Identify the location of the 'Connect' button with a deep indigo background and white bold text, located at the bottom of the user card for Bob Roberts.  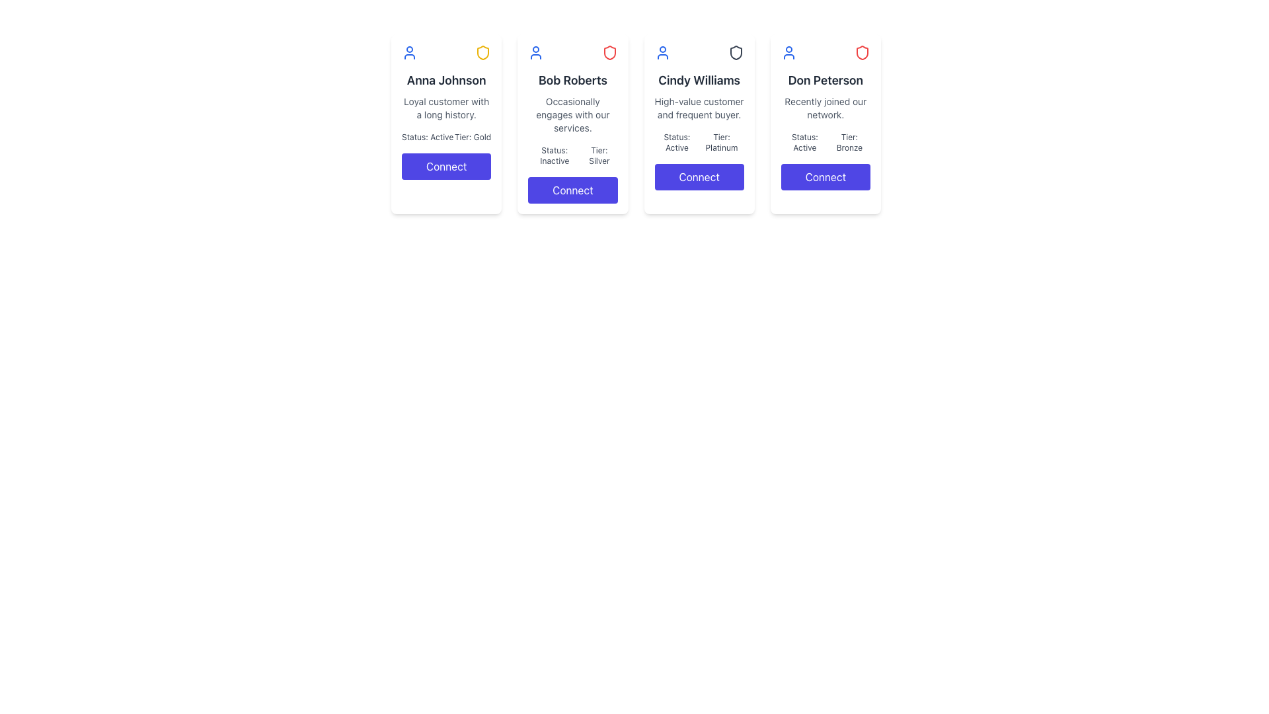
(572, 190).